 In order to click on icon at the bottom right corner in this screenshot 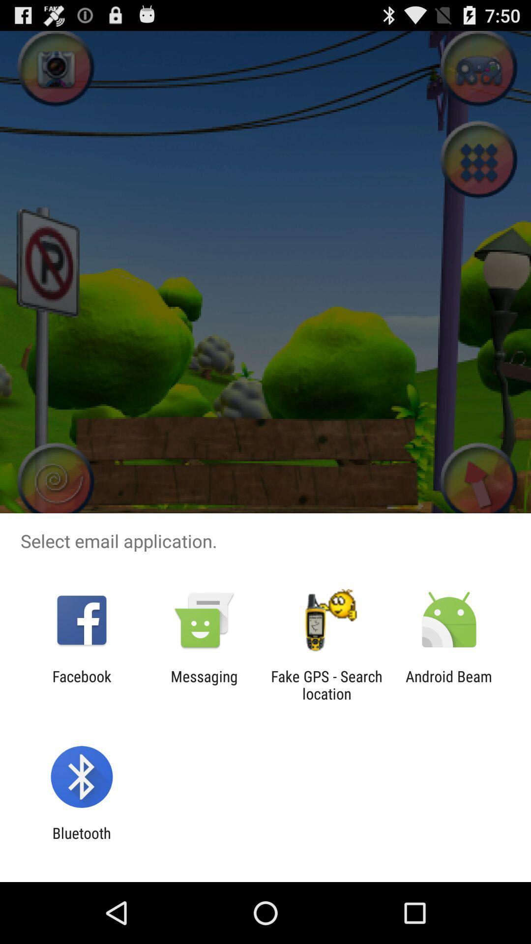, I will do `click(449, 684)`.